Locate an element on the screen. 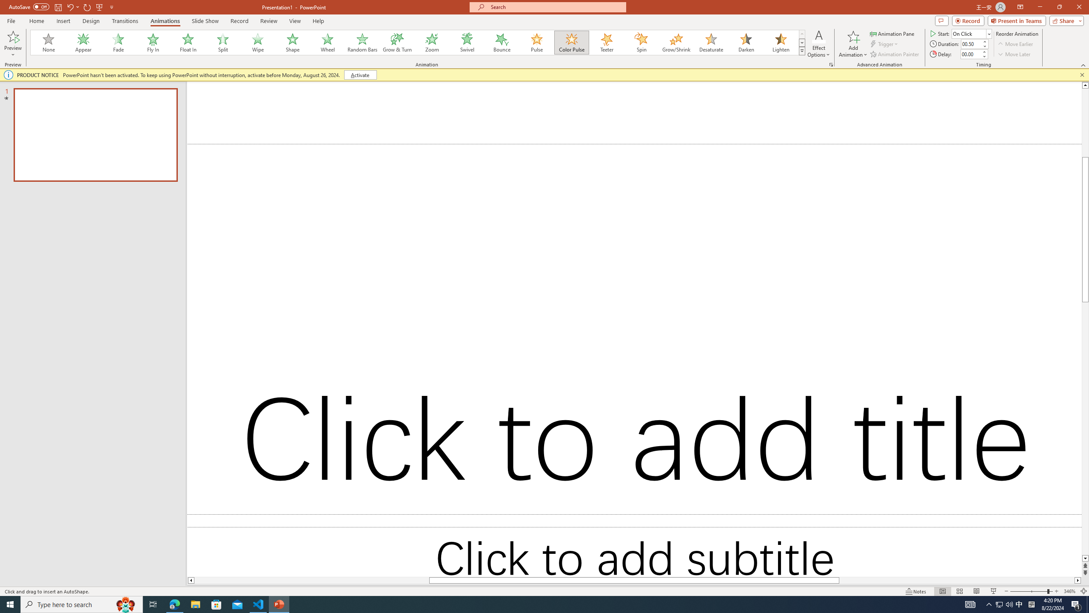  'Animation Pane' is located at coordinates (893, 33).